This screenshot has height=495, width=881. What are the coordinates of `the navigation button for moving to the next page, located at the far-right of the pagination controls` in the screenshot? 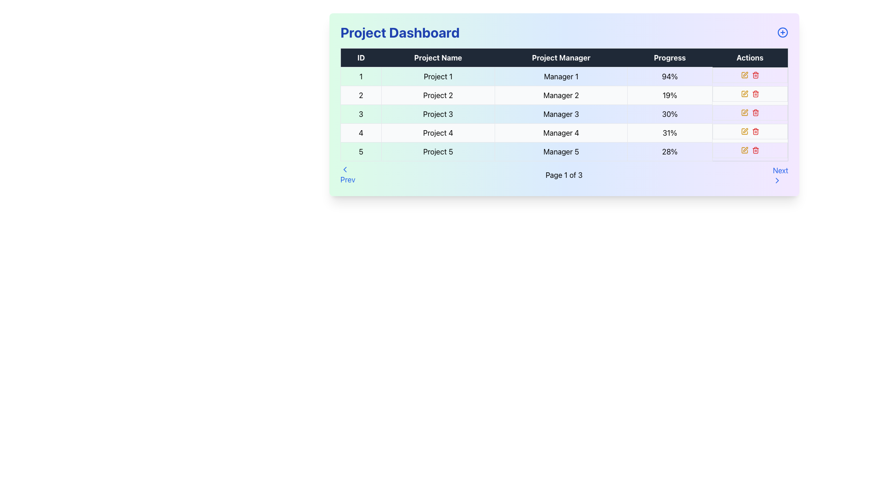 It's located at (780, 175).